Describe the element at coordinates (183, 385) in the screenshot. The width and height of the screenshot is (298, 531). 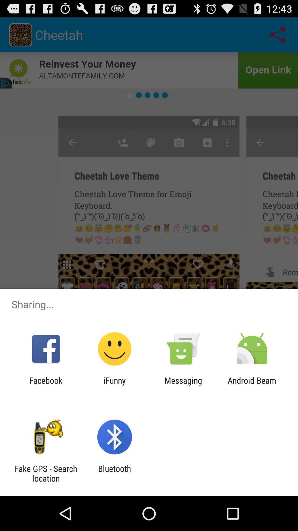
I see `the item to the right of ifunny app` at that location.